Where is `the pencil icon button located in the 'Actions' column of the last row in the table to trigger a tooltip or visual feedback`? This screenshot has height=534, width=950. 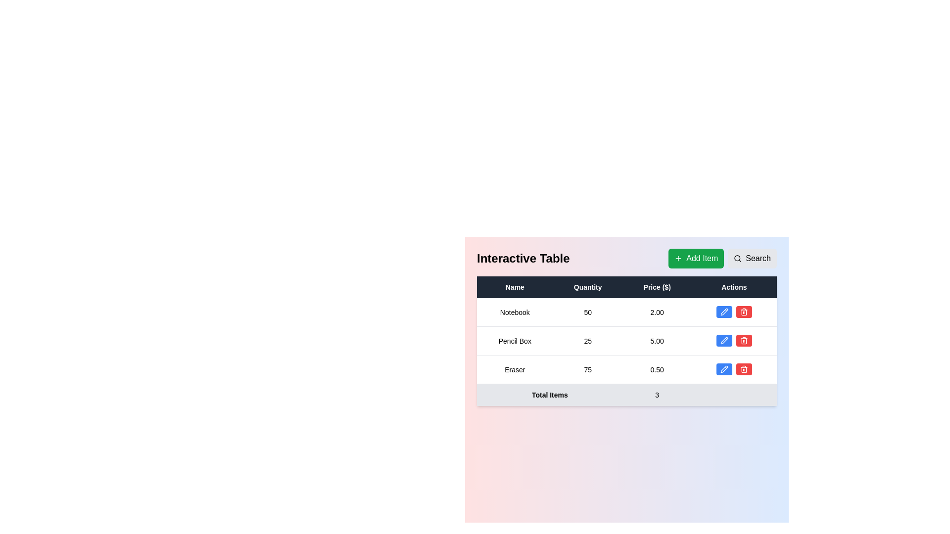
the pencil icon button located in the 'Actions' column of the last row in the table to trigger a tooltip or visual feedback is located at coordinates (724, 369).